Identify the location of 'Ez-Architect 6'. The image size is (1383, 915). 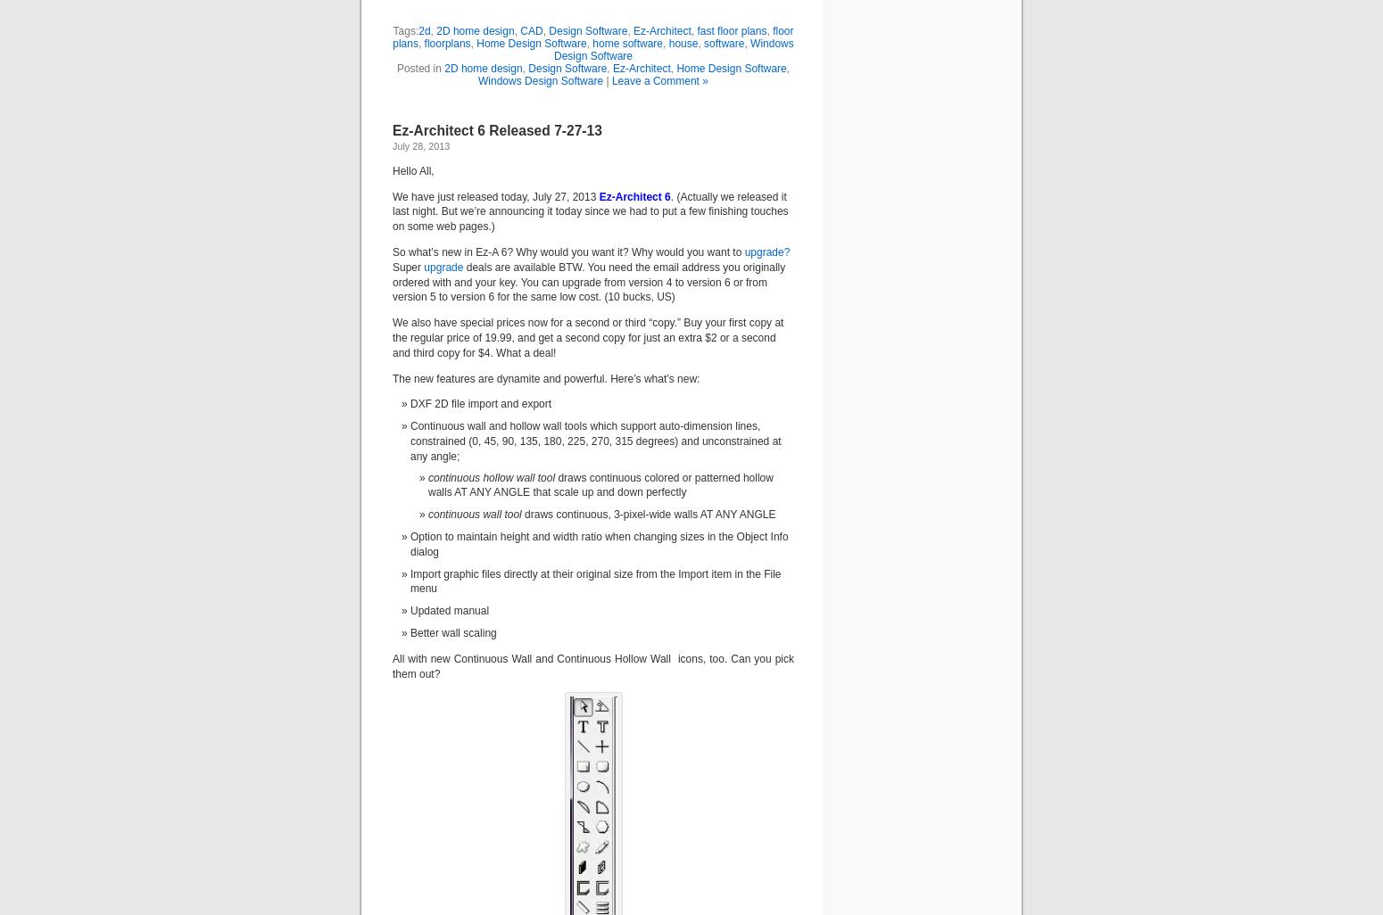
(595, 195).